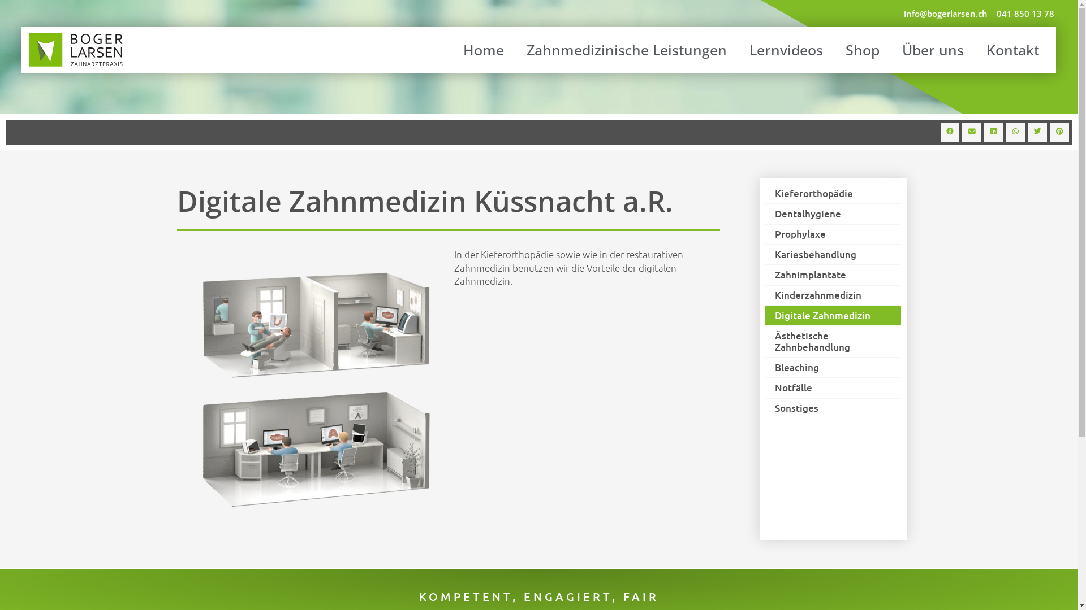  Describe the element at coordinates (982, 49) in the screenshot. I see `'Kontakt'` at that location.